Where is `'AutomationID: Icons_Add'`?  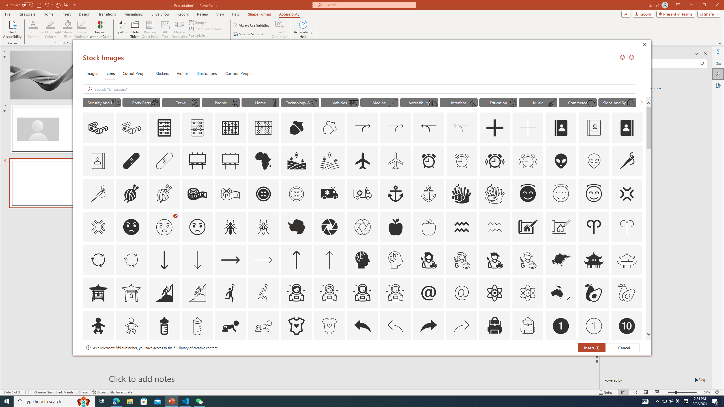 'AutomationID: Icons_Add' is located at coordinates (495, 127).